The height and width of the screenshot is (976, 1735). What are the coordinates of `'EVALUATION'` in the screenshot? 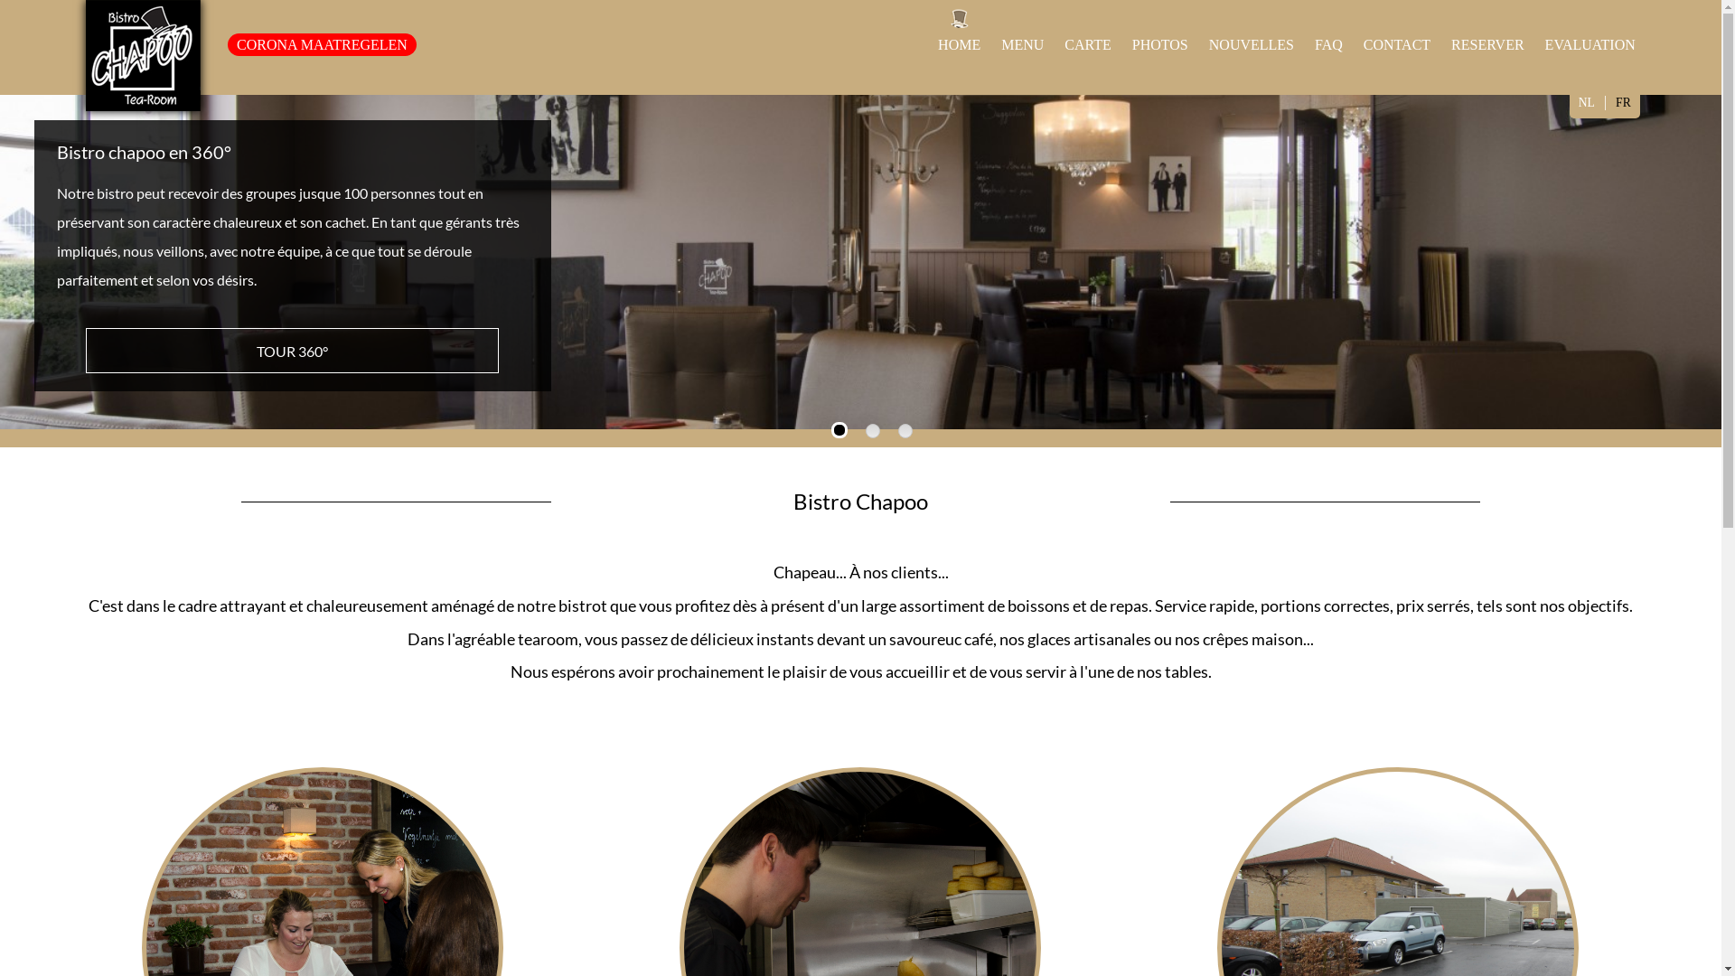 It's located at (1590, 43).